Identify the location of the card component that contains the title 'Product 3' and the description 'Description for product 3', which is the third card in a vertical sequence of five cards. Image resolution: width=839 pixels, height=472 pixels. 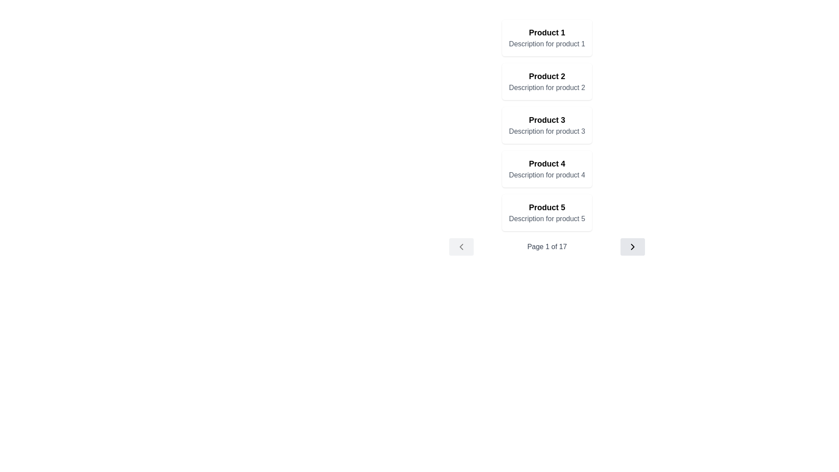
(547, 125).